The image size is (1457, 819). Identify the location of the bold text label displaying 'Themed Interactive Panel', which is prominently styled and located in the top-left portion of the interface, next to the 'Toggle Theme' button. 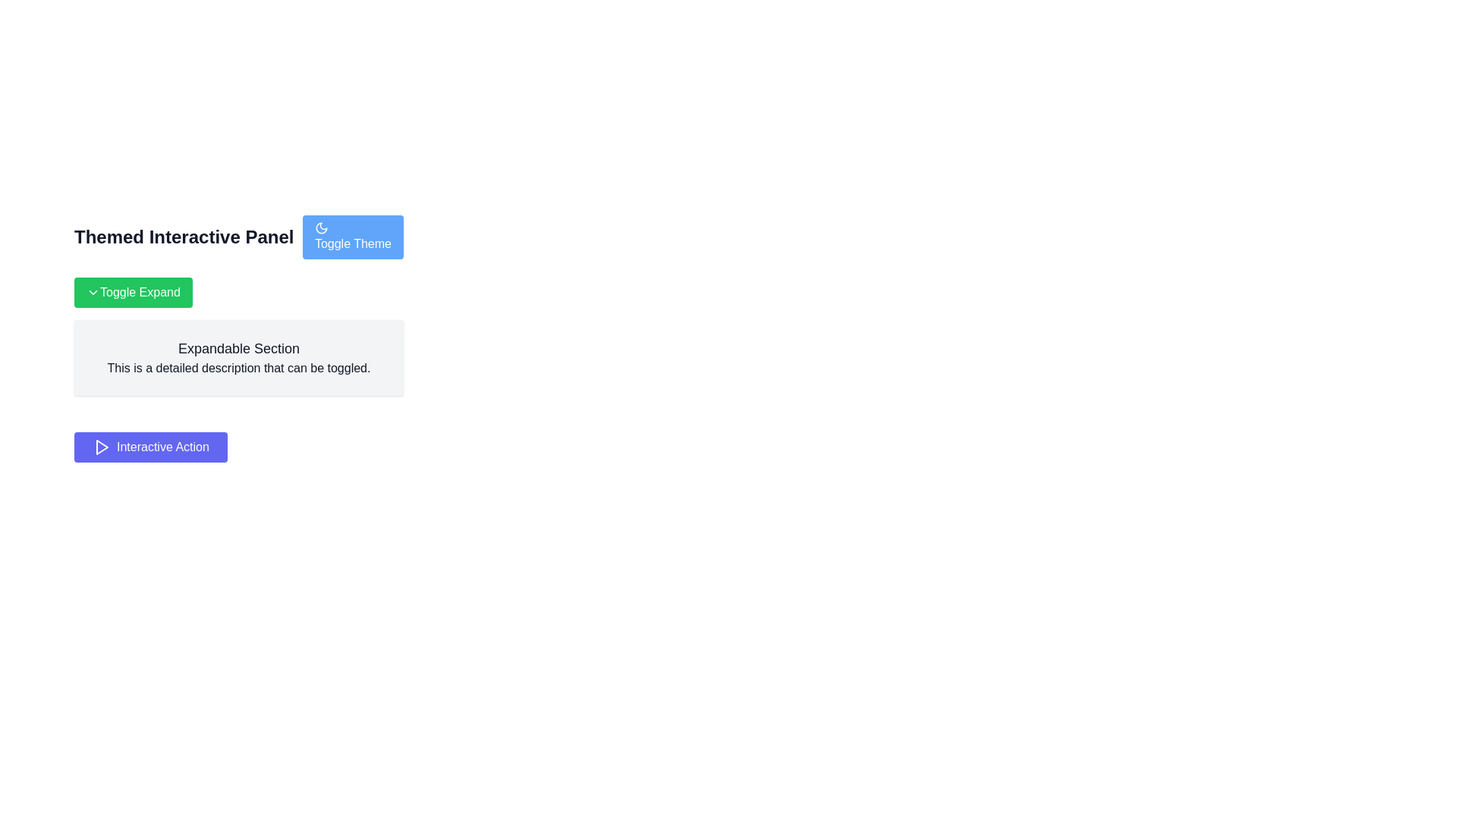
(183, 237).